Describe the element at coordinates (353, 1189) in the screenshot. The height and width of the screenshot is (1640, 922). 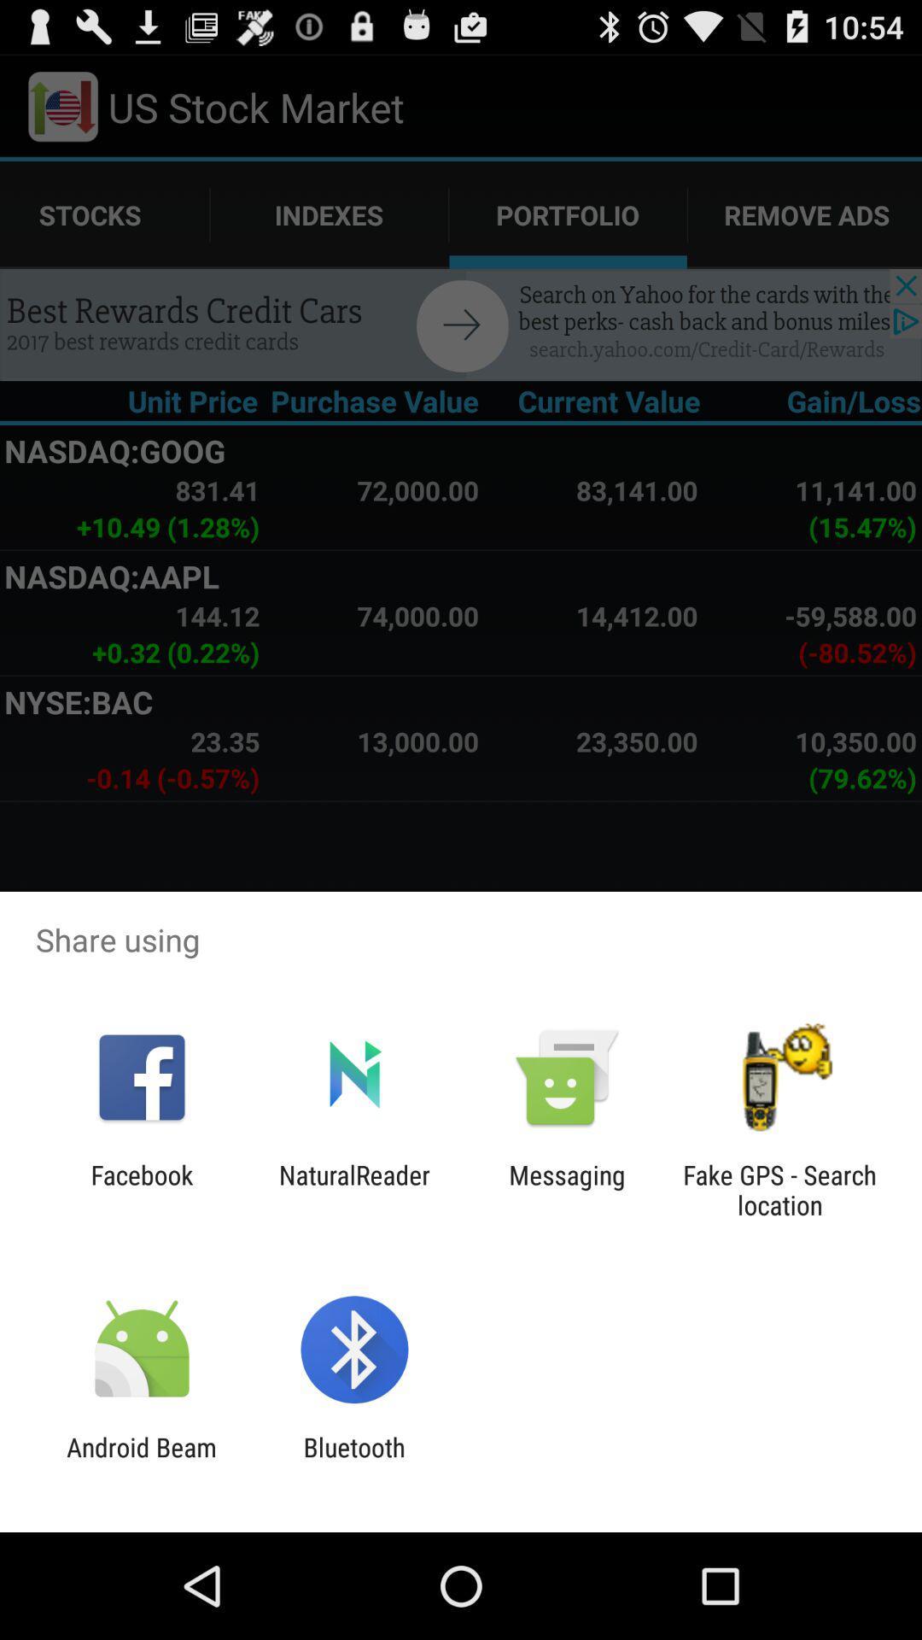
I see `the item next to facebook icon` at that location.